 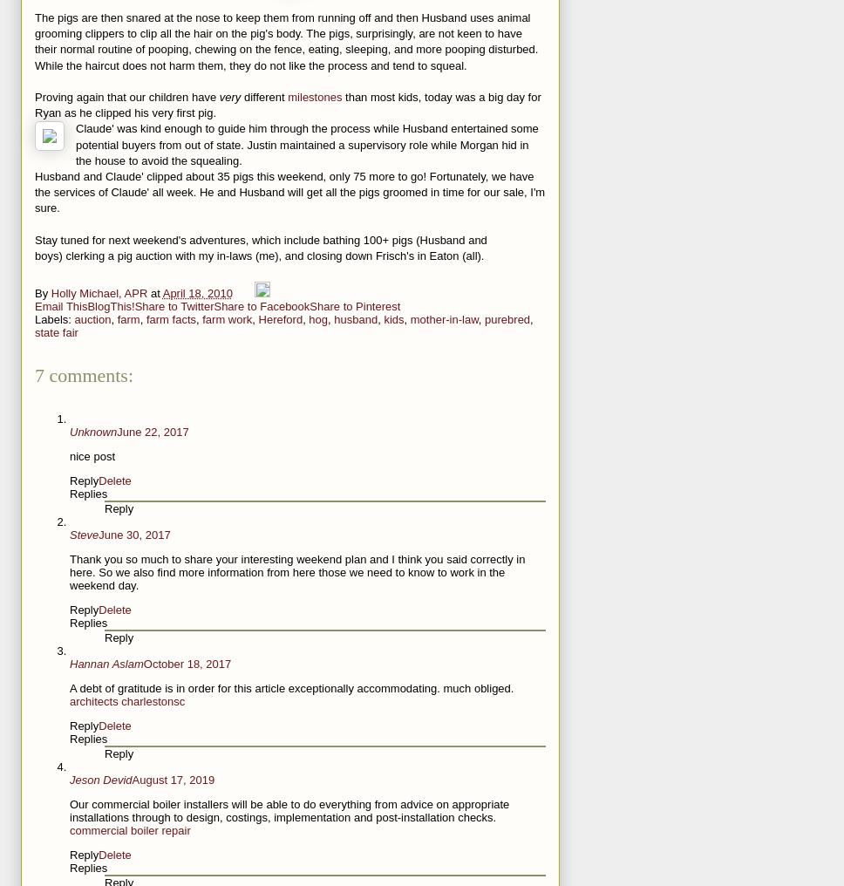 What do you see at coordinates (150, 292) in the screenshot?
I see `'at'` at bounding box center [150, 292].